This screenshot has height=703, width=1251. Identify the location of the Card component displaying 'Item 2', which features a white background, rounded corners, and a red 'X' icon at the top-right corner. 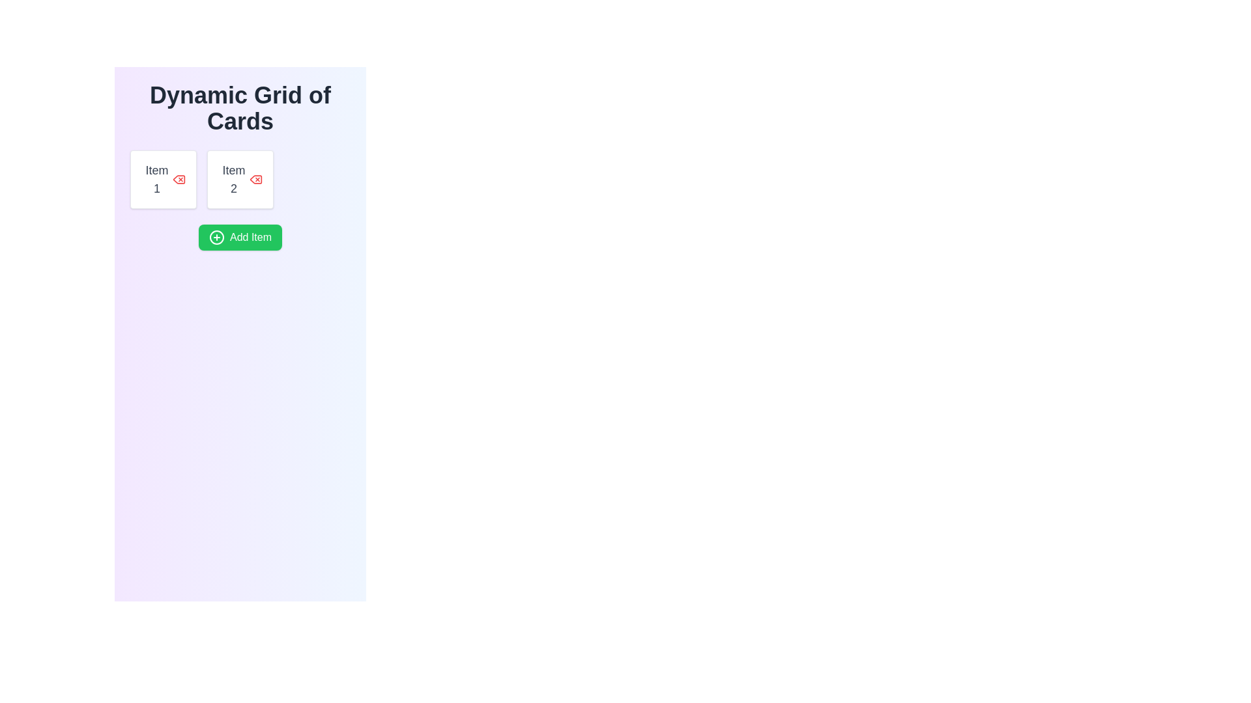
(240, 180).